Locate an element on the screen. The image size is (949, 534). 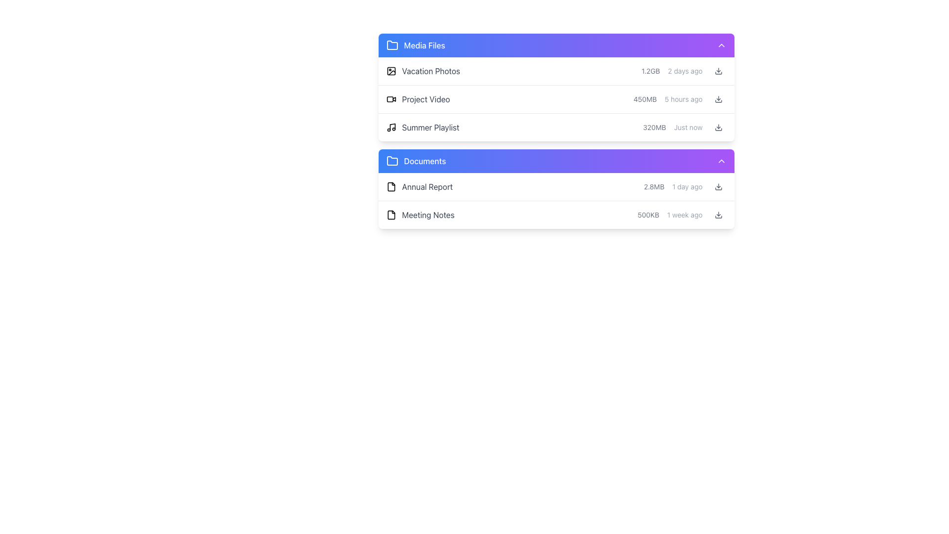
the second chevron icon in the top-right corner of the Media Files section is located at coordinates (721, 45).